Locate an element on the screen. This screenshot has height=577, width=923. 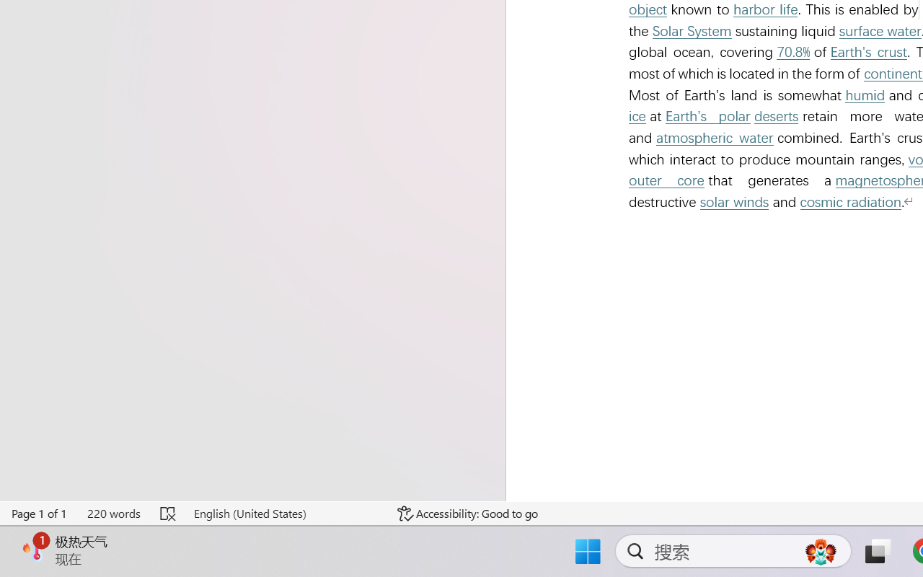
'Earth' is located at coordinates (707, 116).